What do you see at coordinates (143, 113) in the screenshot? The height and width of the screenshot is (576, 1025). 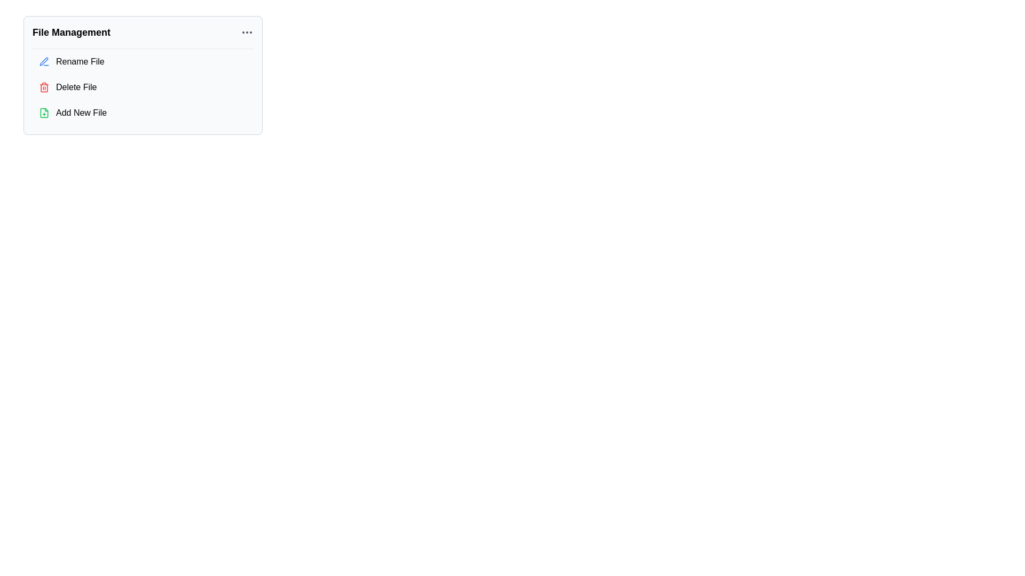 I see `the 'Add New File' option to create a new file` at bounding box center [143, 113].